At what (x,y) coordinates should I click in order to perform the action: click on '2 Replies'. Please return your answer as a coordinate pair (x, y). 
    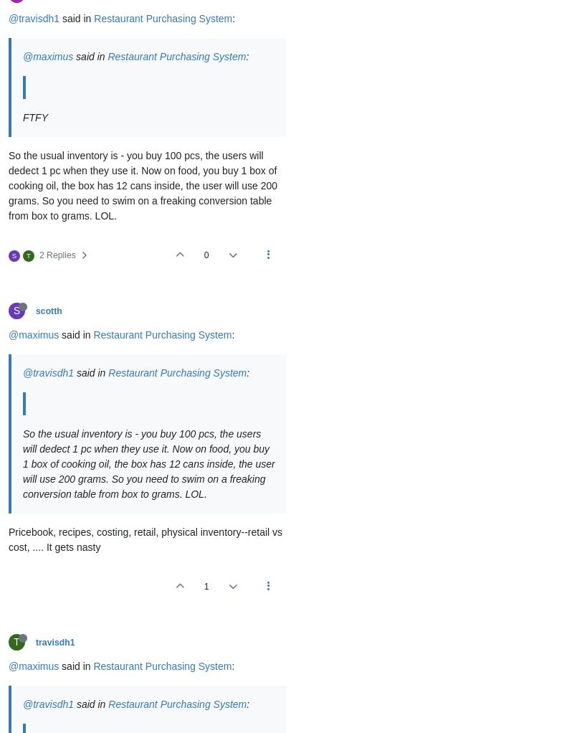
    Looking at the image, I should click on (38, 255).